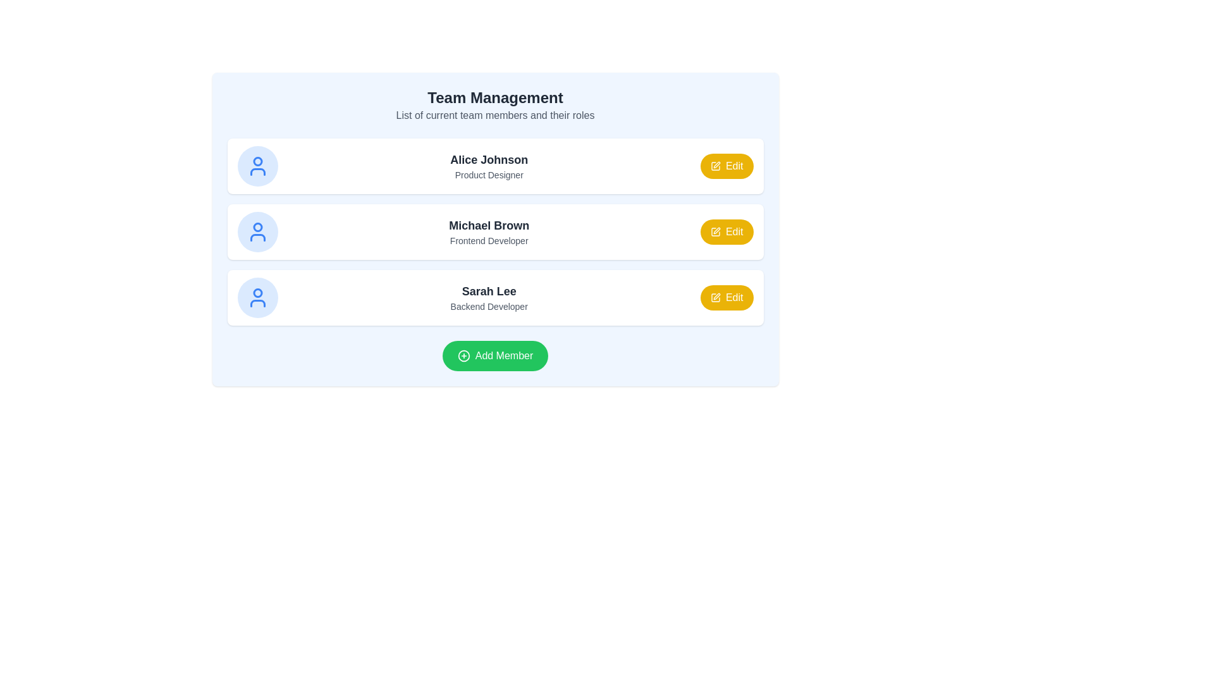  Describe the element at coordinates (716, 231) in the screenshot. I see `the Edit Pen Icon located to the right of the user entry for 'Michael Brown' in the second row of the user list` at that location.